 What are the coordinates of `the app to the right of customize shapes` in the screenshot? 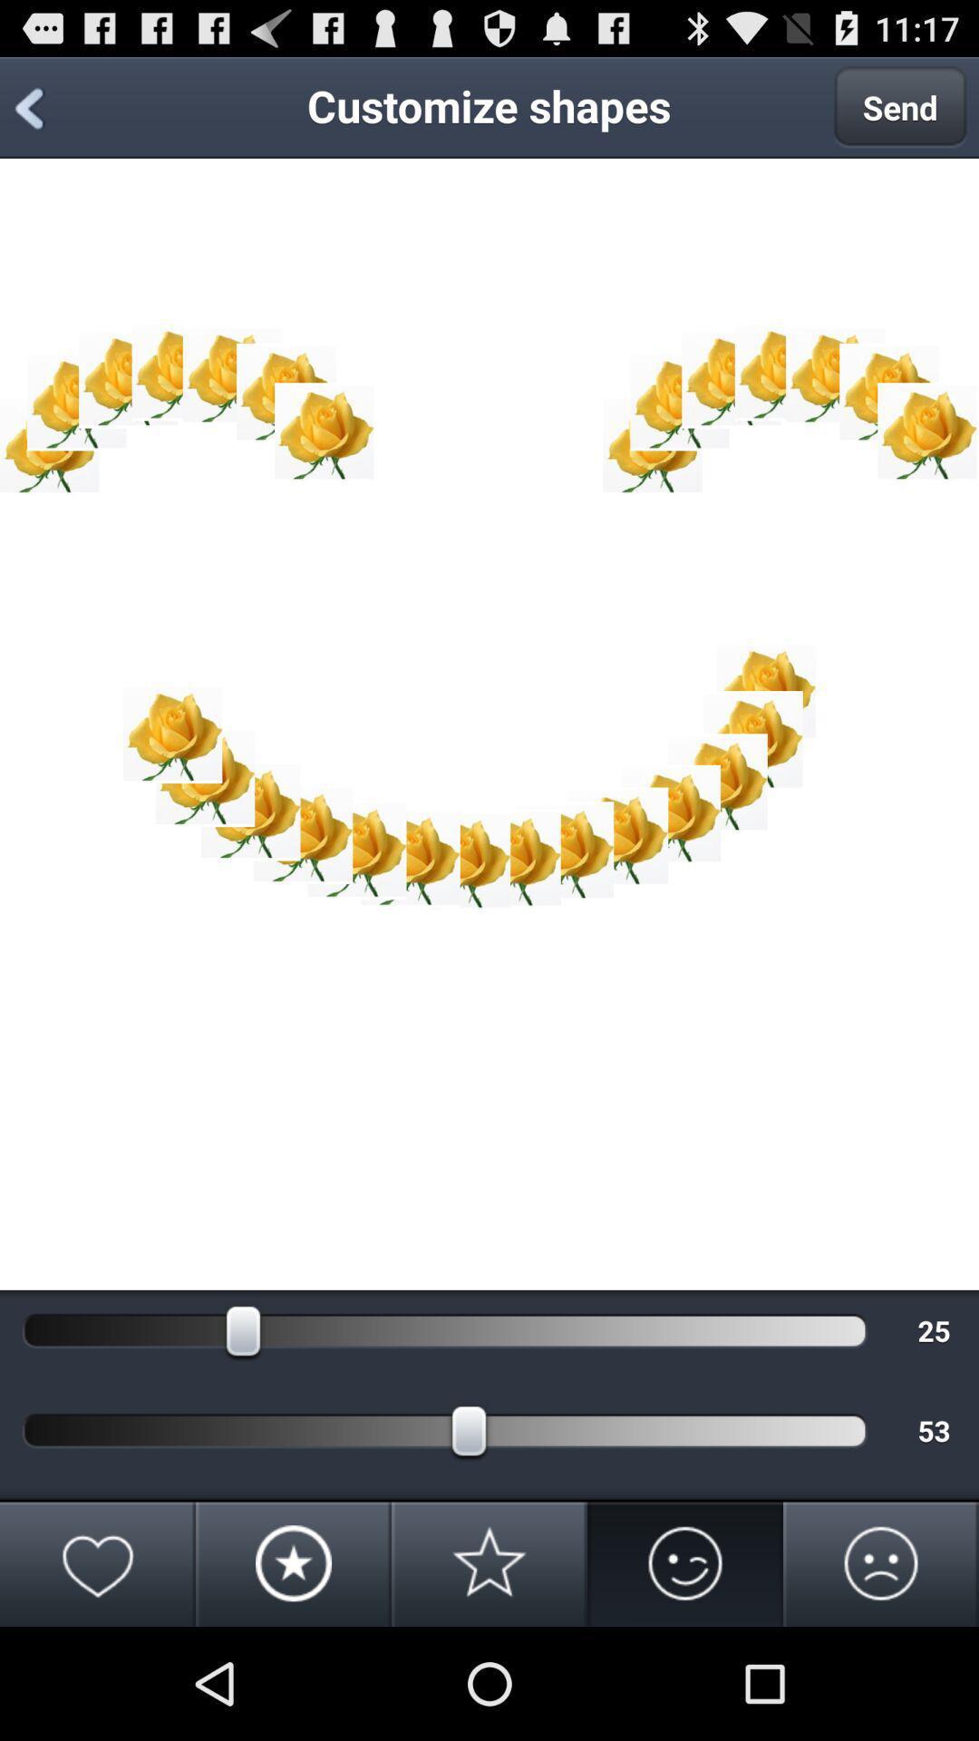 It's located at (900, 106).